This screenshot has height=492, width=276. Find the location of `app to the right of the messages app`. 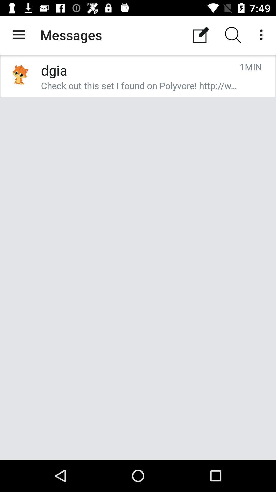

app to the right of the messages app is located at coordinates (201, 35).